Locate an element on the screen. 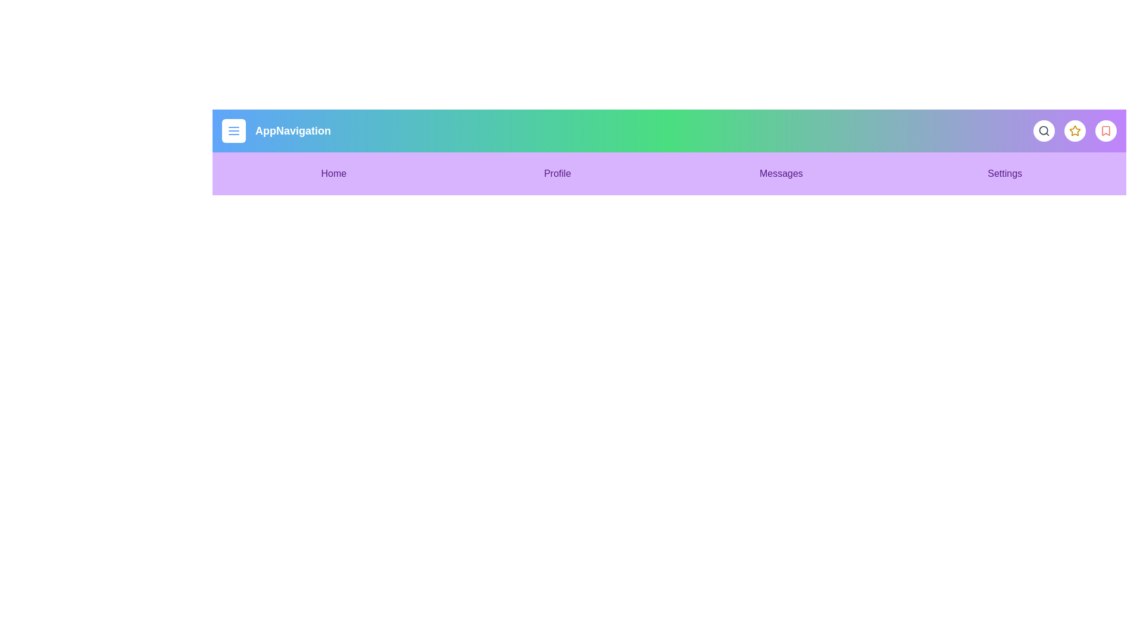 The width and height of the screenshot is (1143, 643). the menu item Home to navigate to the corresponding section is located at coordinates (333, 174).